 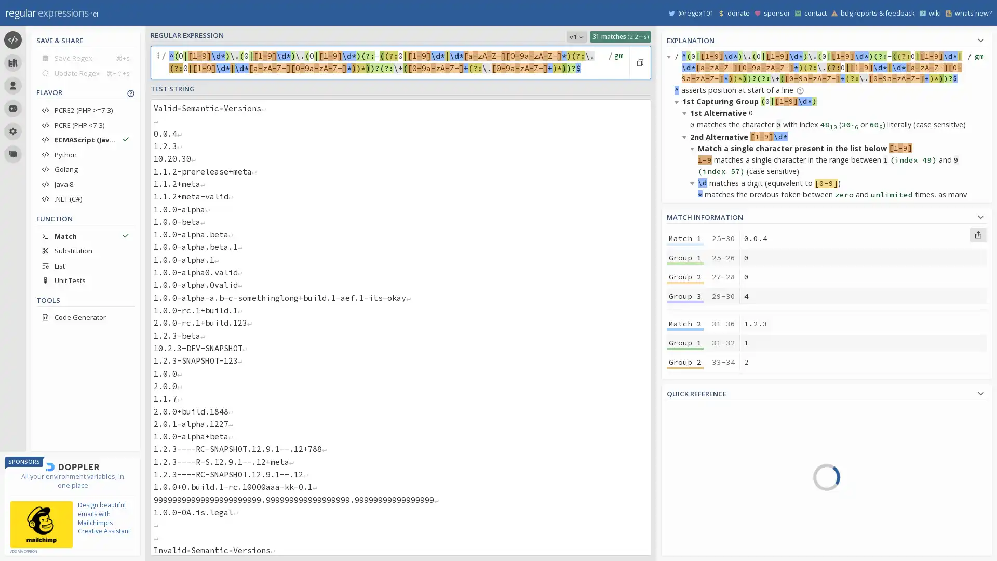 What do you see at coordinates (694, 148) in the screenshot?
I see `Collapse Subtree` at bounding box center [694, 148].